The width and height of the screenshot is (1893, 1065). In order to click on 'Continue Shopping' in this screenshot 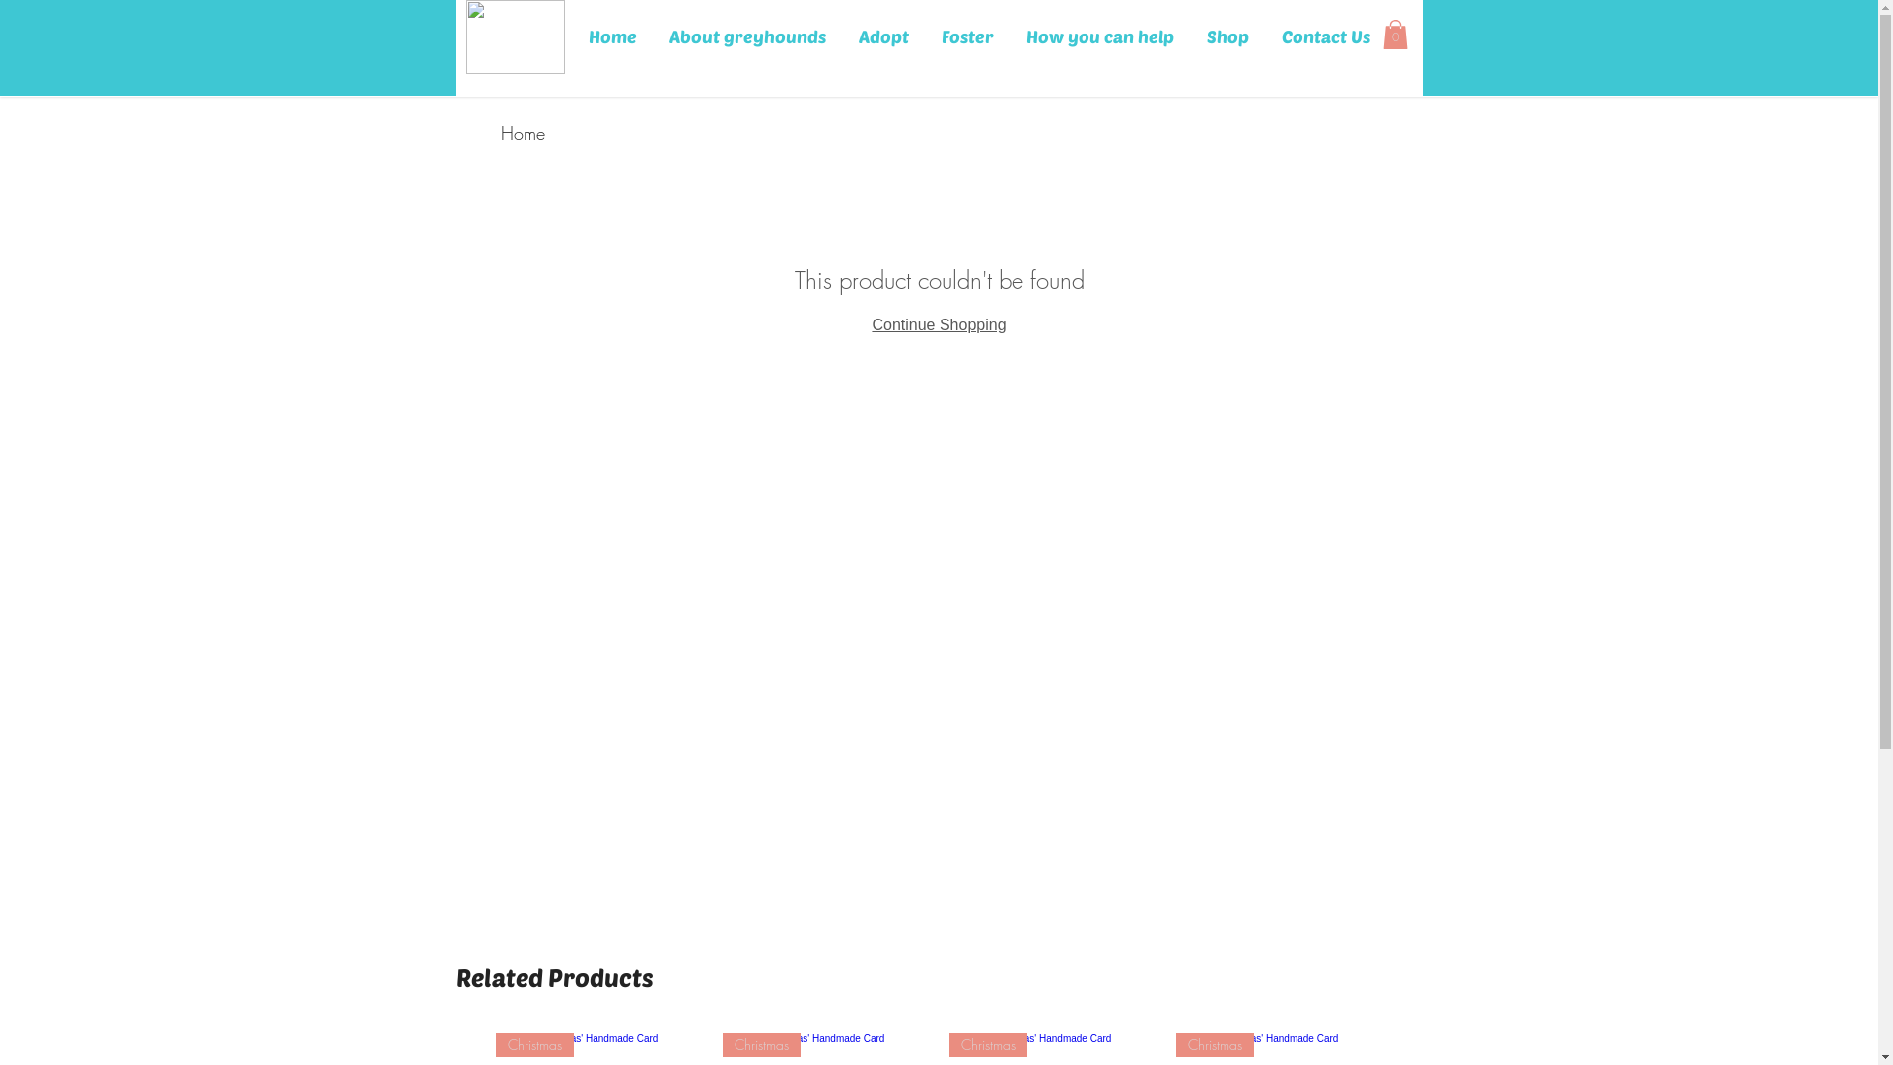, I will do `click(937, 323)`.